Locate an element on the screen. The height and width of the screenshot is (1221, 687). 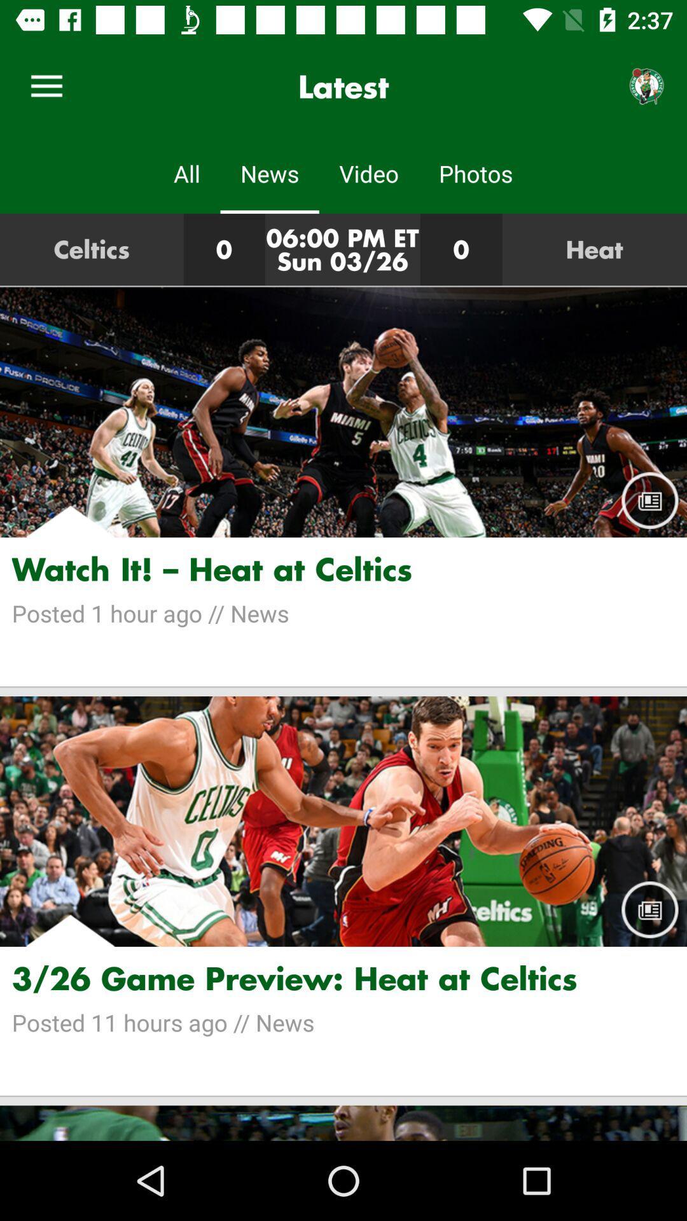
the posted 11 hours icon is located at coordinates (343, 1023).